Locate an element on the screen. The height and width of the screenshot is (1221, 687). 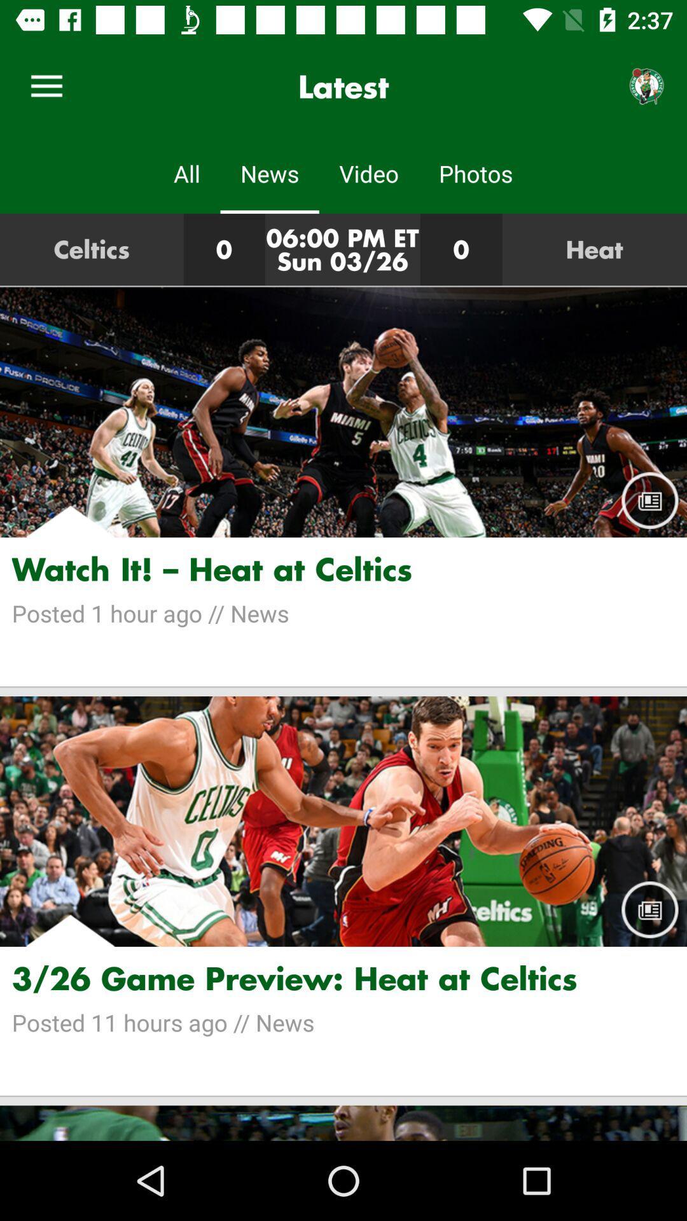
the posted 11 hours icon is located at coordinates (343, 1023).